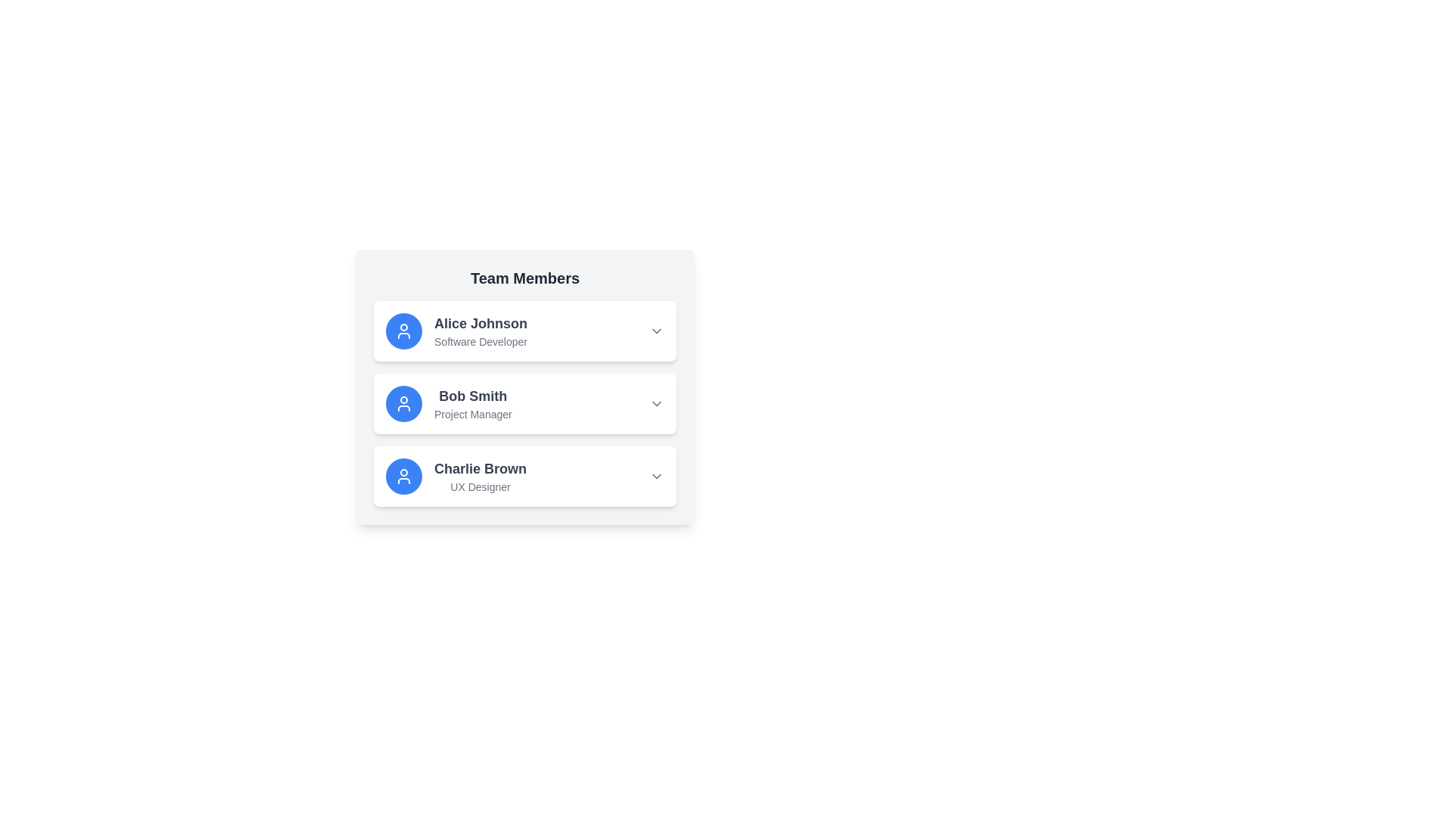  I want to click on the blue circular icon representing the person silhouette design for Alice Johnson, located at the top of the user information panel, so click(403, 475).